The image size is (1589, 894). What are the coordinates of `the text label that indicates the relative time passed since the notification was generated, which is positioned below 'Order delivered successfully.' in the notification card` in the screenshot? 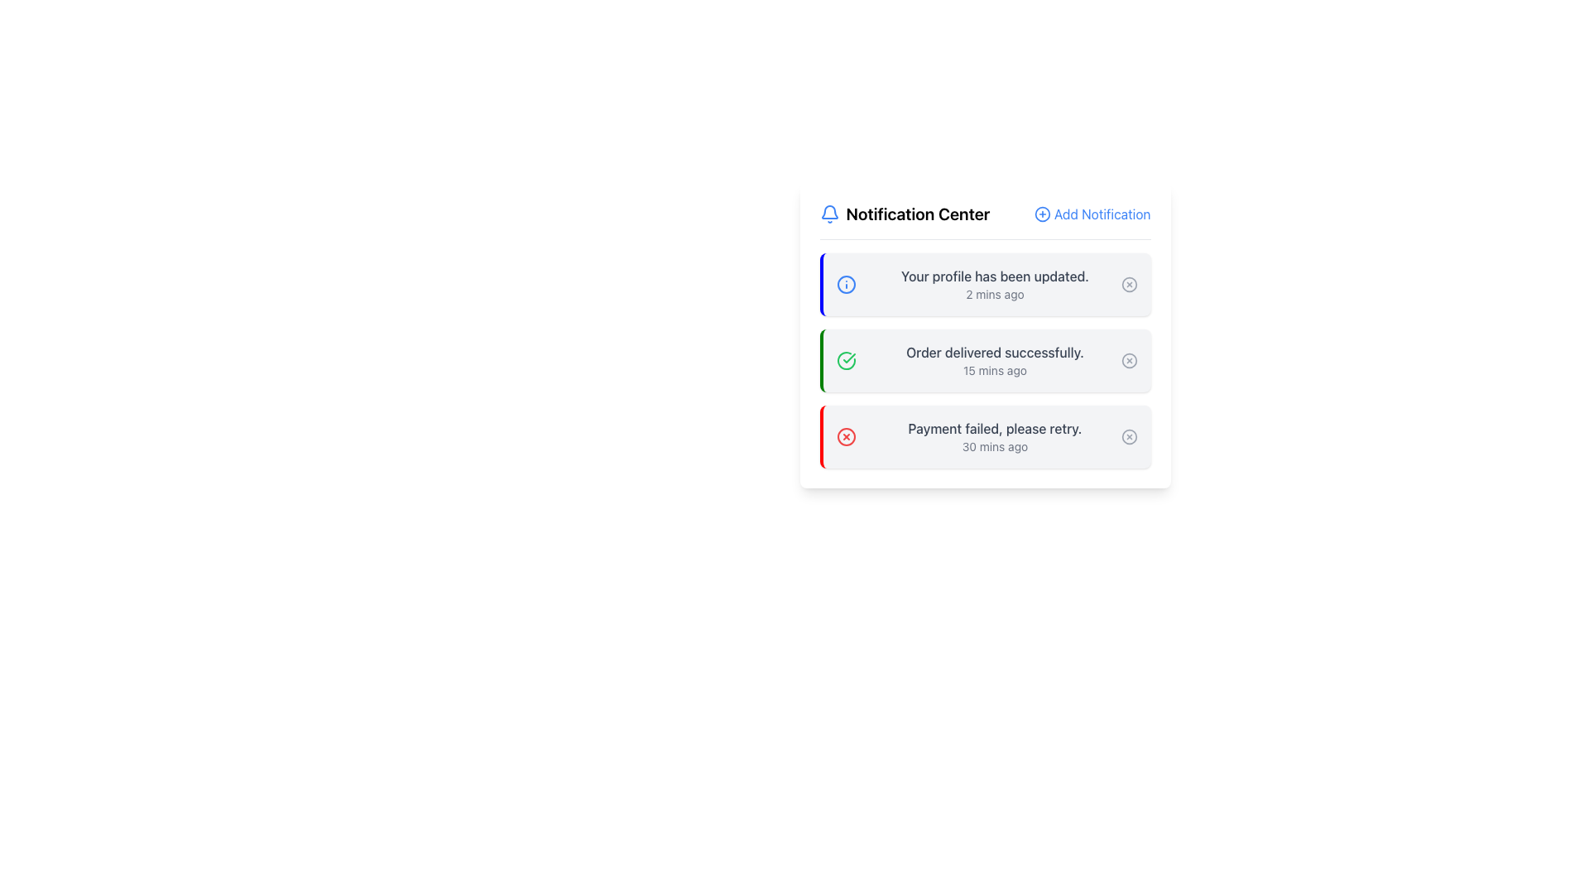 It's located at (994, 369).